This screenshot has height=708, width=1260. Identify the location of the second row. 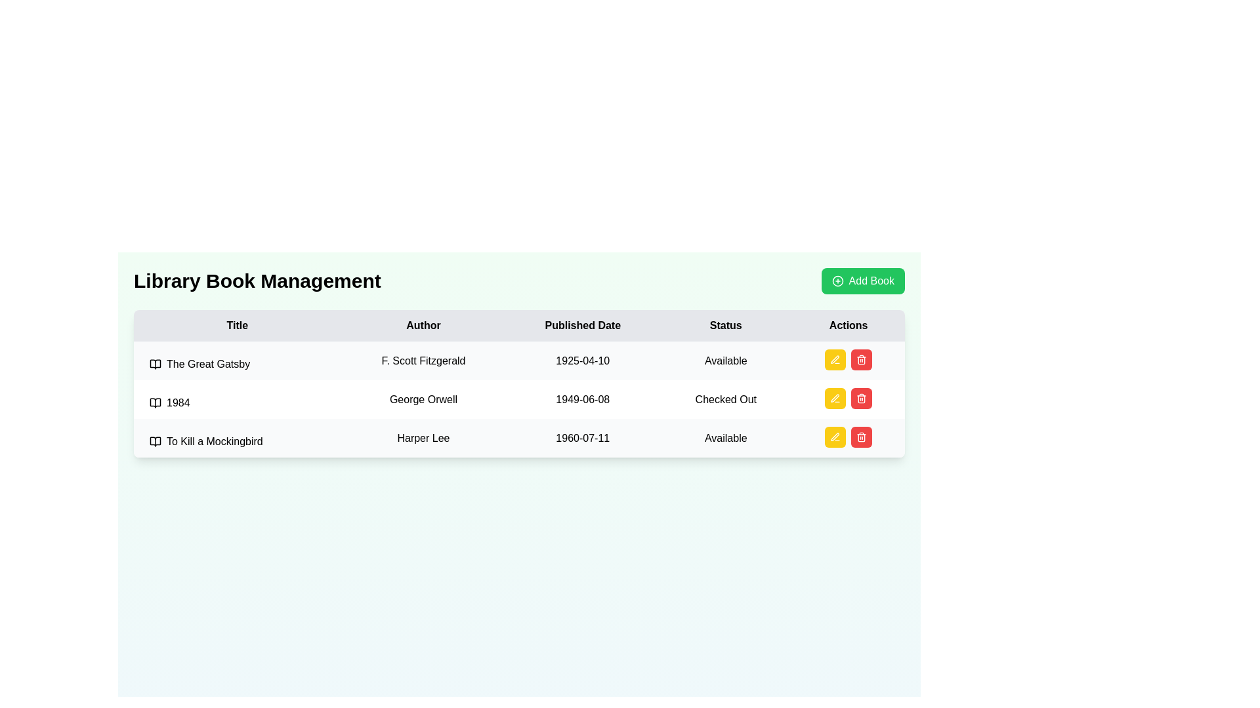
(518, 399).